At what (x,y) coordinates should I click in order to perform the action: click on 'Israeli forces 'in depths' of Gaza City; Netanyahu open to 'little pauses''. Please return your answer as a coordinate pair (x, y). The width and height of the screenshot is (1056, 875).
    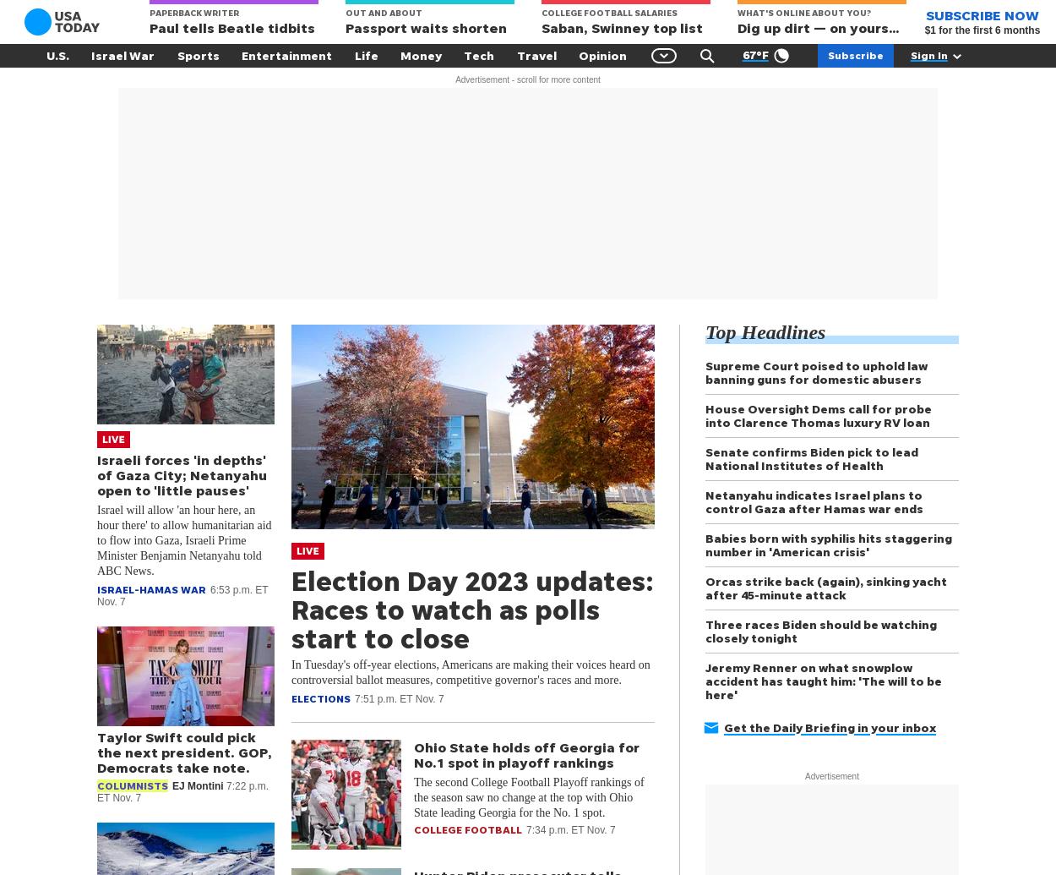
    Looking at the image, I should click on (181, 474).